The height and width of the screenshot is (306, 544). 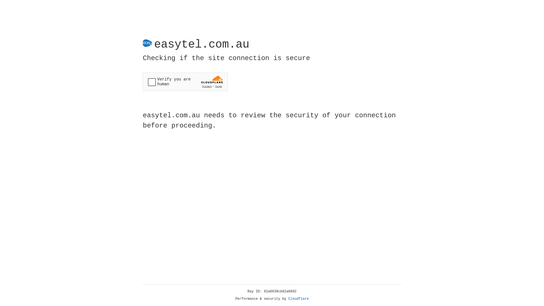 What do you see at coordinates (185, 82) in the screenshot?
I see `'Widget containing a Cloudflare security challenge'` at bounding box center [185, 82].